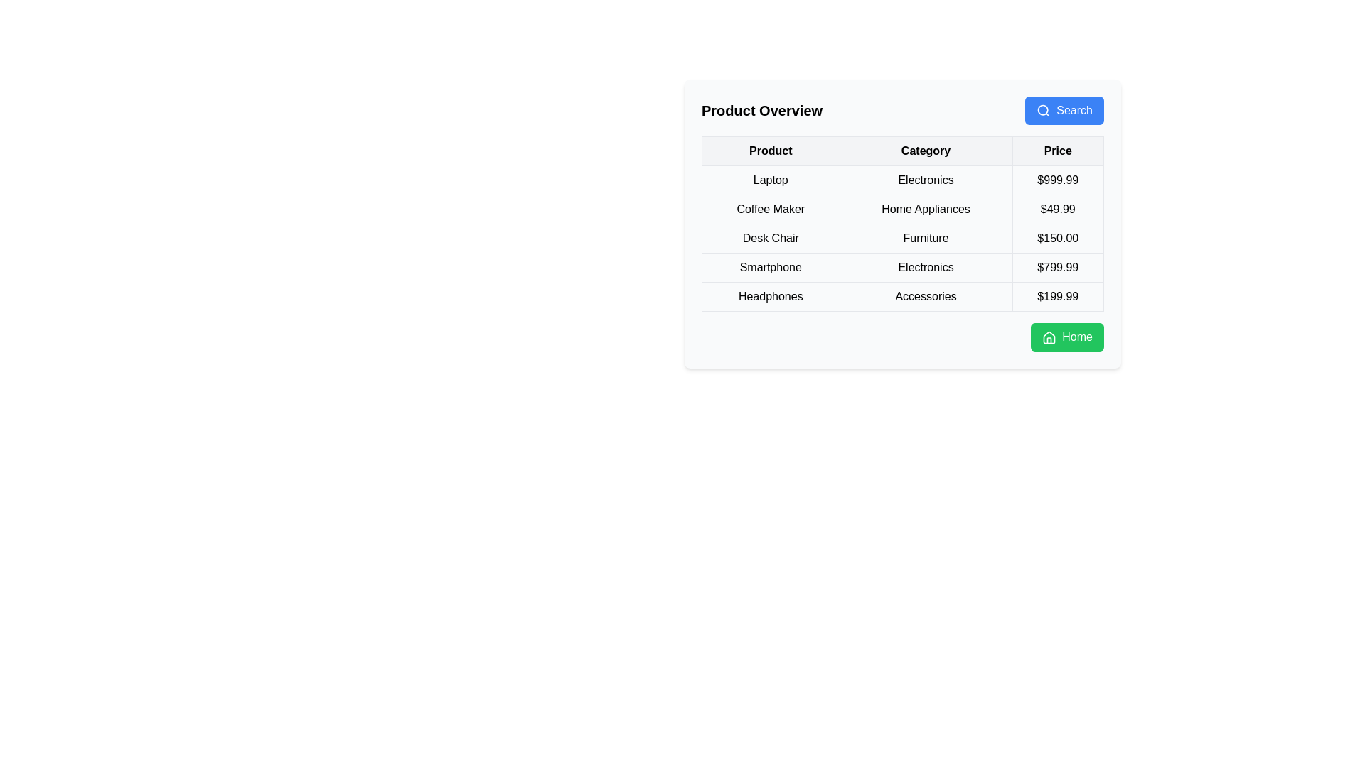 This screenshot has height=767, width=1365. I want to click on the 'Headphones' label, which is a textual element styled with a rectangular border in the 'Product Overview' table, so click(770, 295).